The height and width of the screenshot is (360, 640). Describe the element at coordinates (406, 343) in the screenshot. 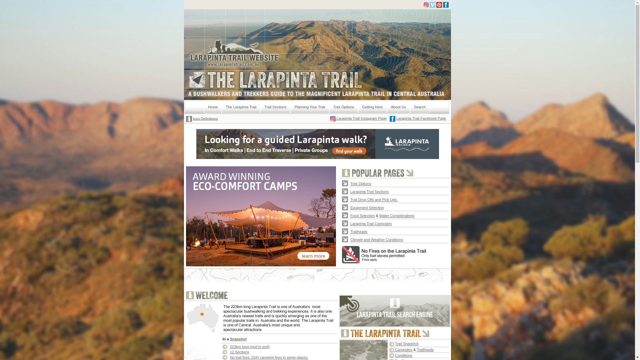

I see `'Trail Snapshot'` at that location.